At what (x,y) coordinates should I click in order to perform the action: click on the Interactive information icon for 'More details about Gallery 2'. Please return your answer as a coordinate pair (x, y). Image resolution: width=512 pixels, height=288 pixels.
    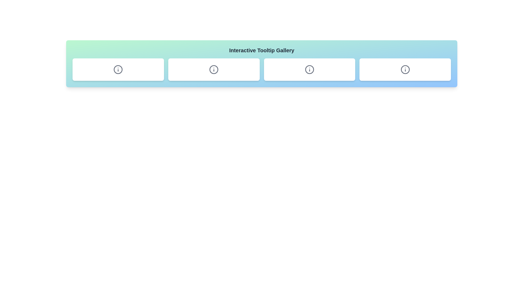
    Looking at the image, I should click on (214, 69).